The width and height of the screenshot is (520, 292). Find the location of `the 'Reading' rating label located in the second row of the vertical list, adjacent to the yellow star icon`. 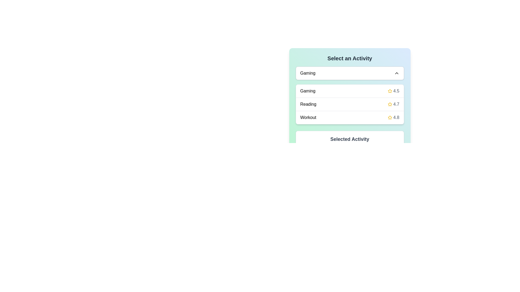

the 'Reading' rating label located in the second row of the vertical list, adjacent to the yellow star icon is located at coordinates (396, 104).